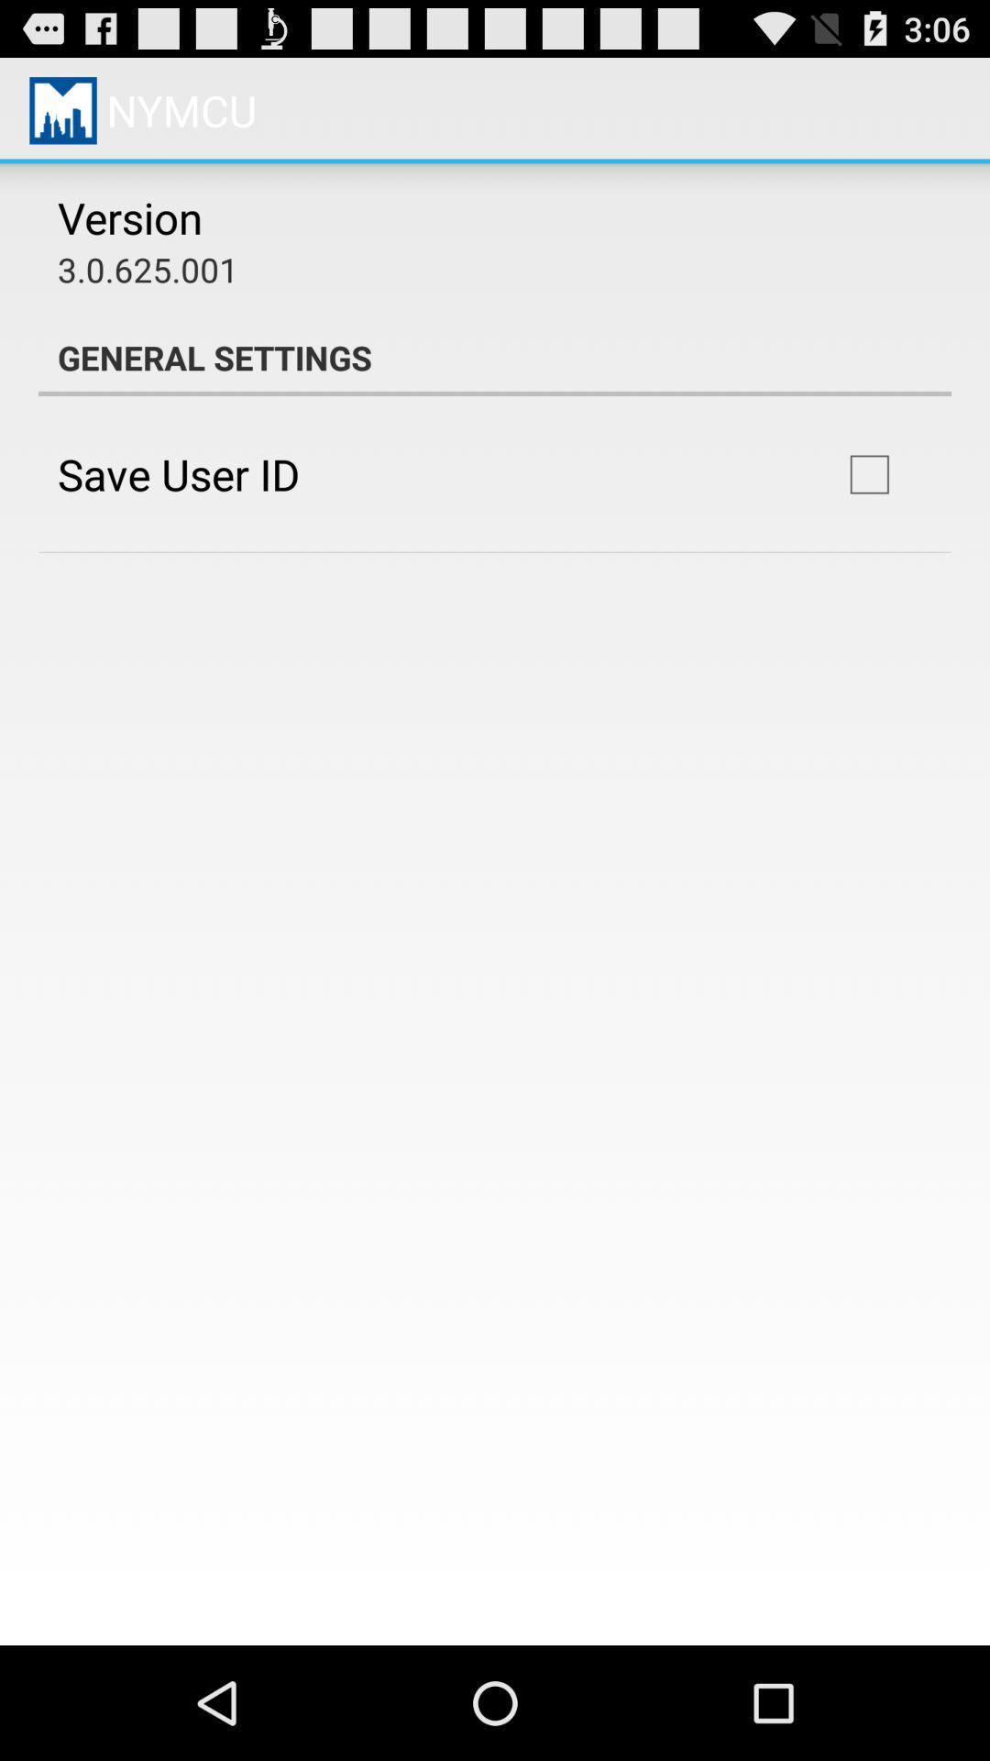 This screenshot has height=1761, width=990. Describe the element at coordinates (147, 268) in the screenshot. I see `3 0 625 app` at that location.